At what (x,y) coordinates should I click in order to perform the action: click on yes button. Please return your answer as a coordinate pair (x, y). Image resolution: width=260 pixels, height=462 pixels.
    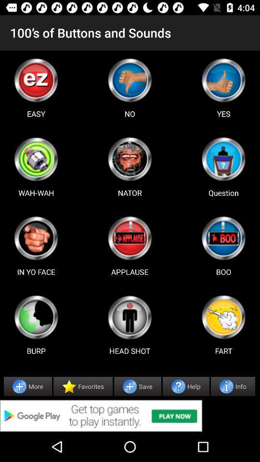
    Looking at the image, I should click on (223, 79).